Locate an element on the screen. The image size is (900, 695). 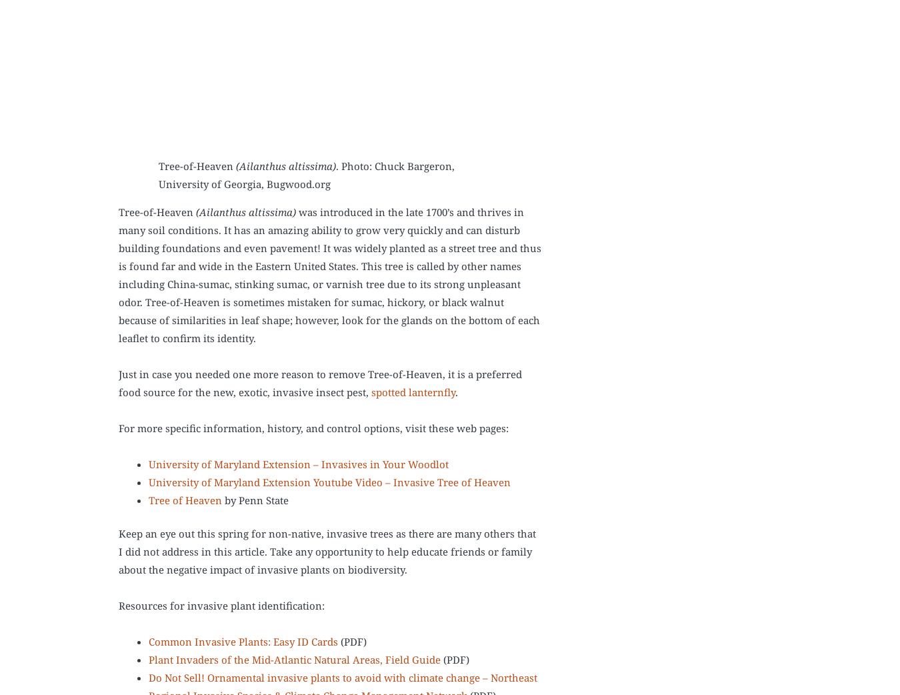
'Keep an eye out this spring for non-native, invasive trees as there are many others that I did not address in this article. Take any opportunity to help educate friends or family about the negative impact of invasive plants on biodiversity.' is located at coordinates (326, 552).